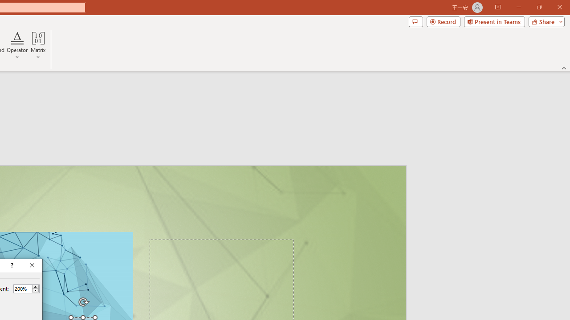 The width and height of the screenshot is (570, 320). Describe the element at coordinates (11, 265) in the screenshot. I see `'Context help'` at that location.